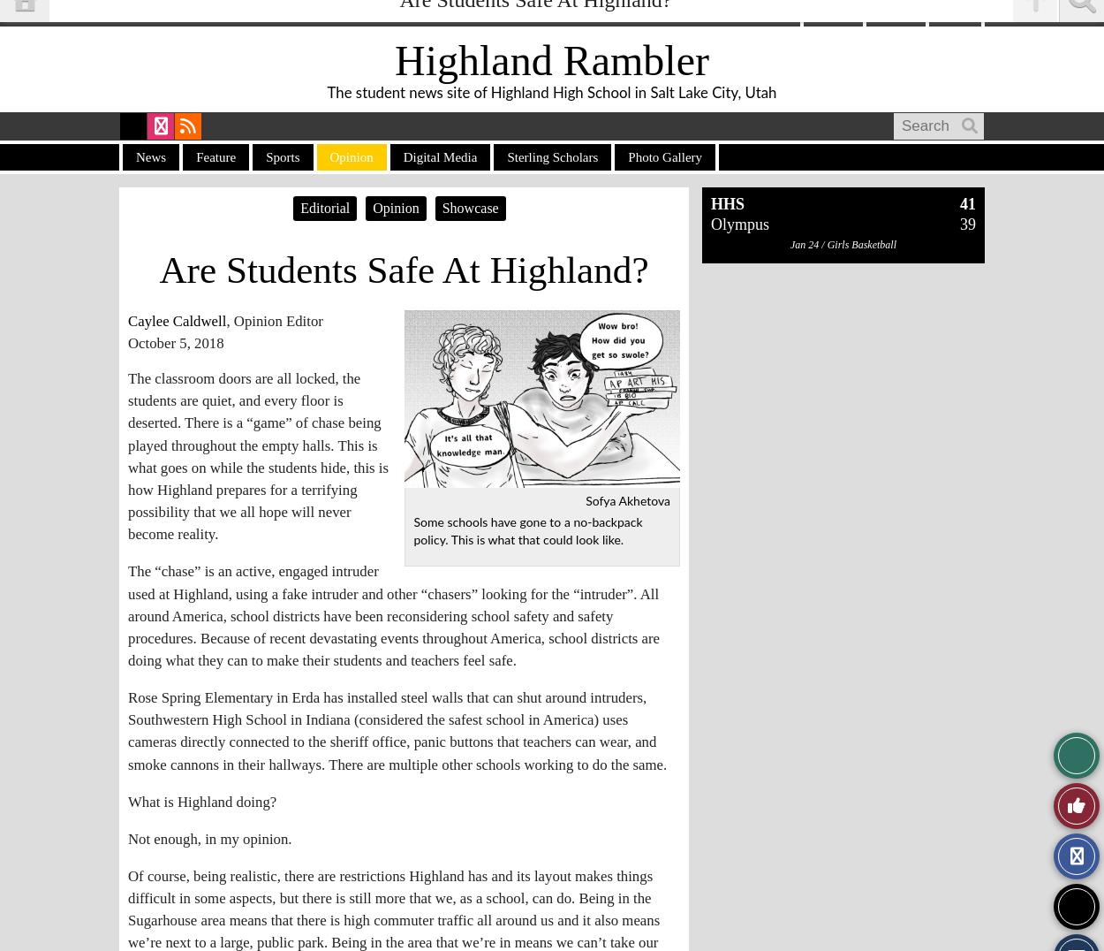 The height and width of the screenshot is (951, 1104). What do you see at coordinates (586, 501) in the screenshot?
I see `'Sofya Akhetova'` at bounding box center [586, 501].